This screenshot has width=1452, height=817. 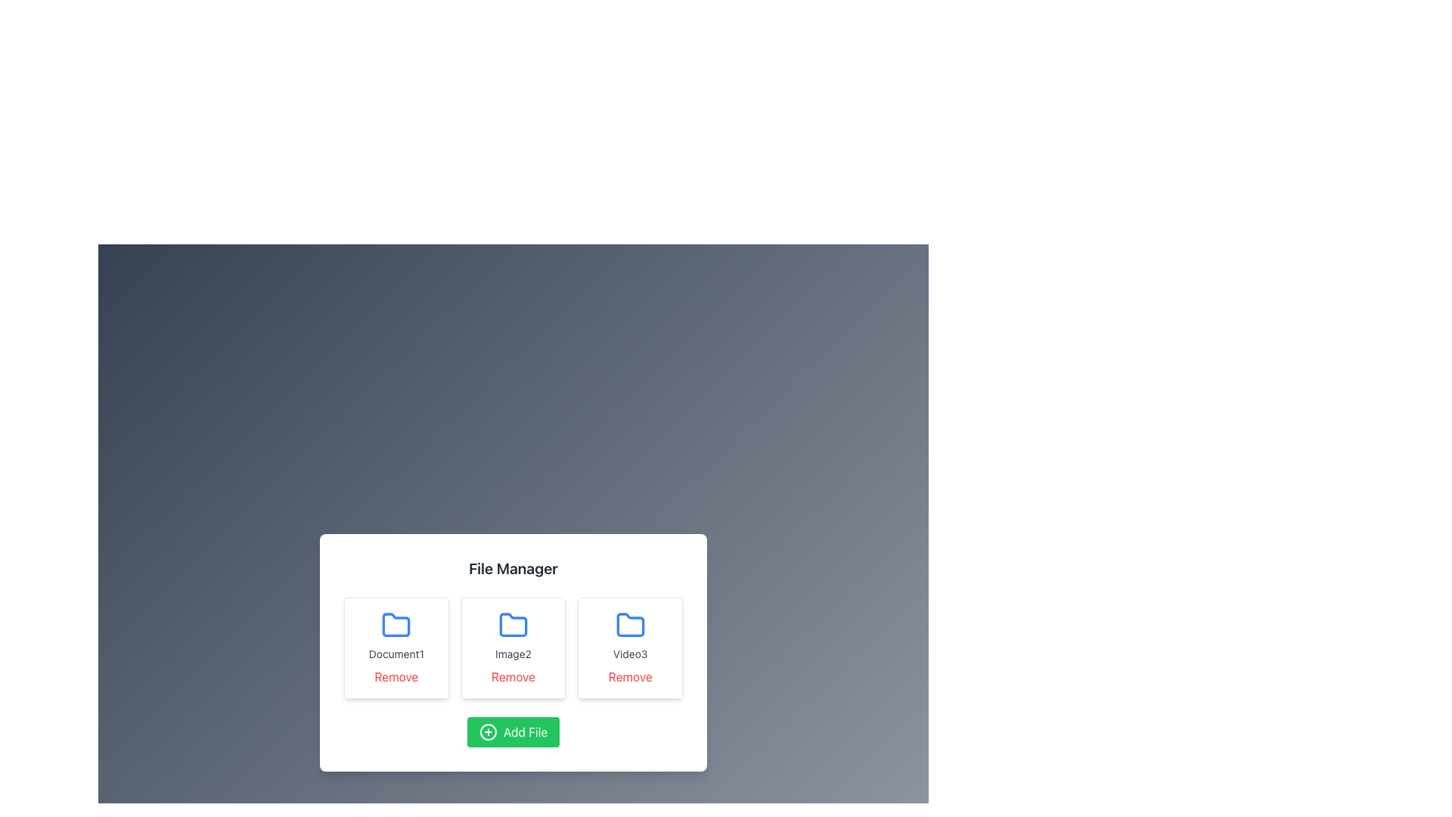 What do you see at coordinates (396, 624) in the screenshot?
I see `the vibrant blue folder icon with rounded edges located` at bounding box center [396, 624].